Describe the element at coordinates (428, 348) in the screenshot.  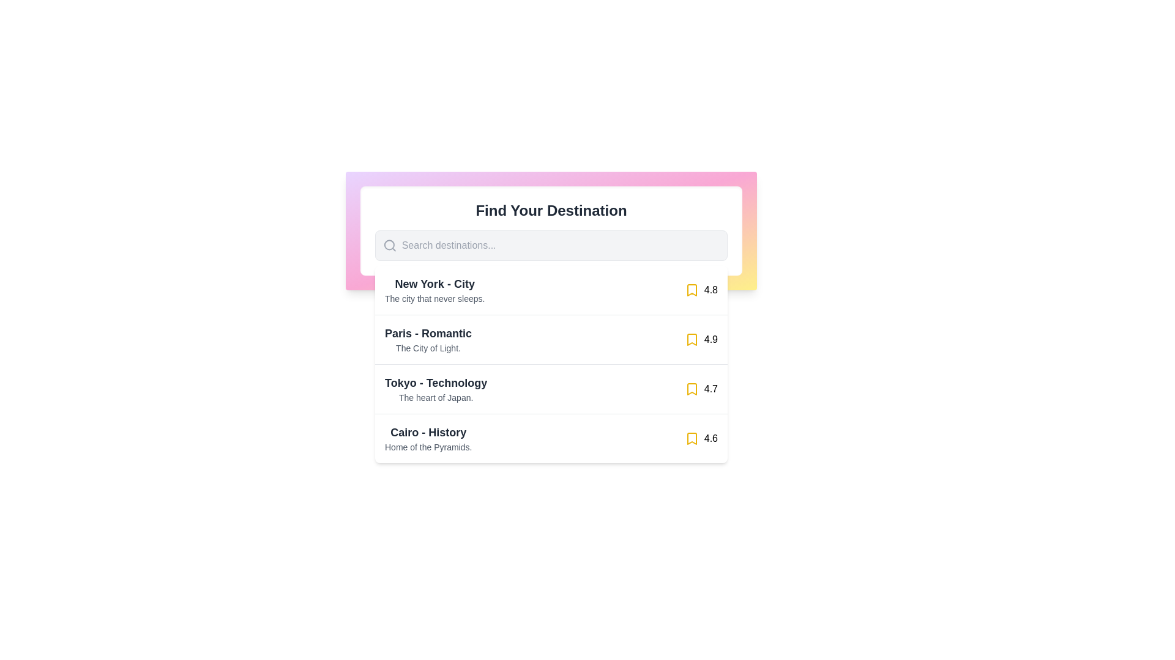
I see `the descriptive Text label located directly beneath the 'Paris - Romantic' title in the second item of the vertical list` at that location.